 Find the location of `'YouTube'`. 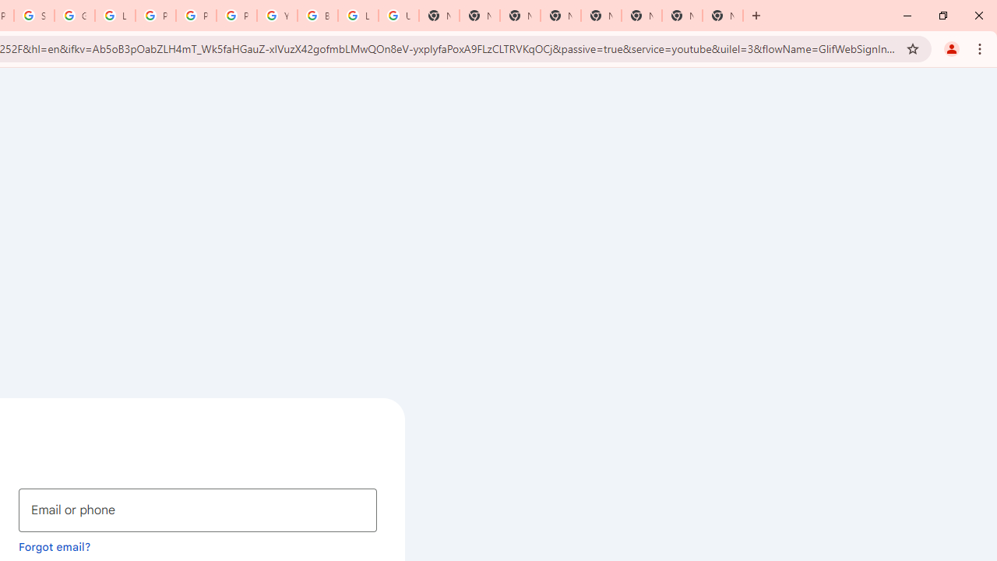

'YouTube' is located at coordinates (277, 16).